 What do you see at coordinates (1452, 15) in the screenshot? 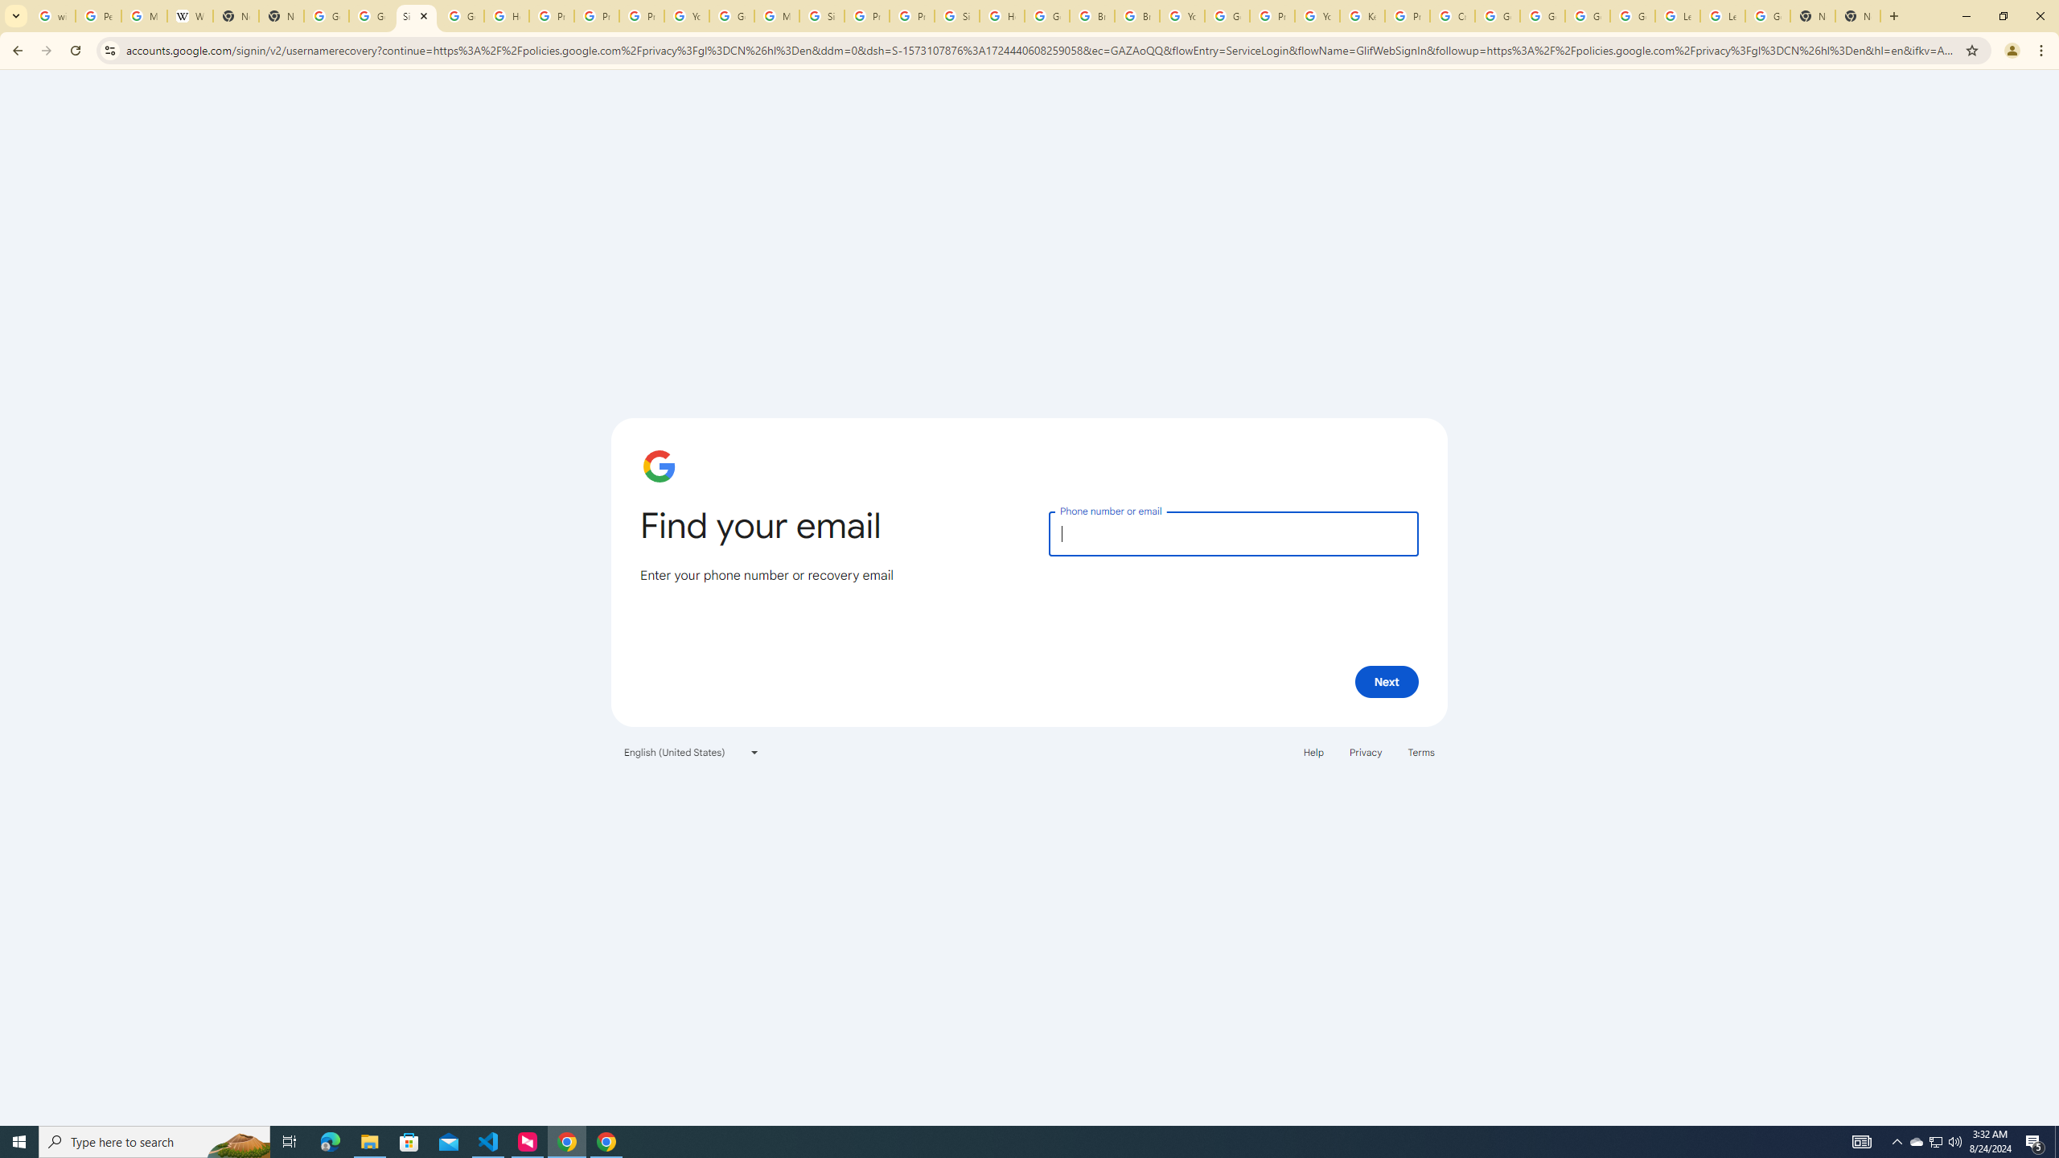
I see `'Create your Google Account'` at bounding box center [1452, 15].